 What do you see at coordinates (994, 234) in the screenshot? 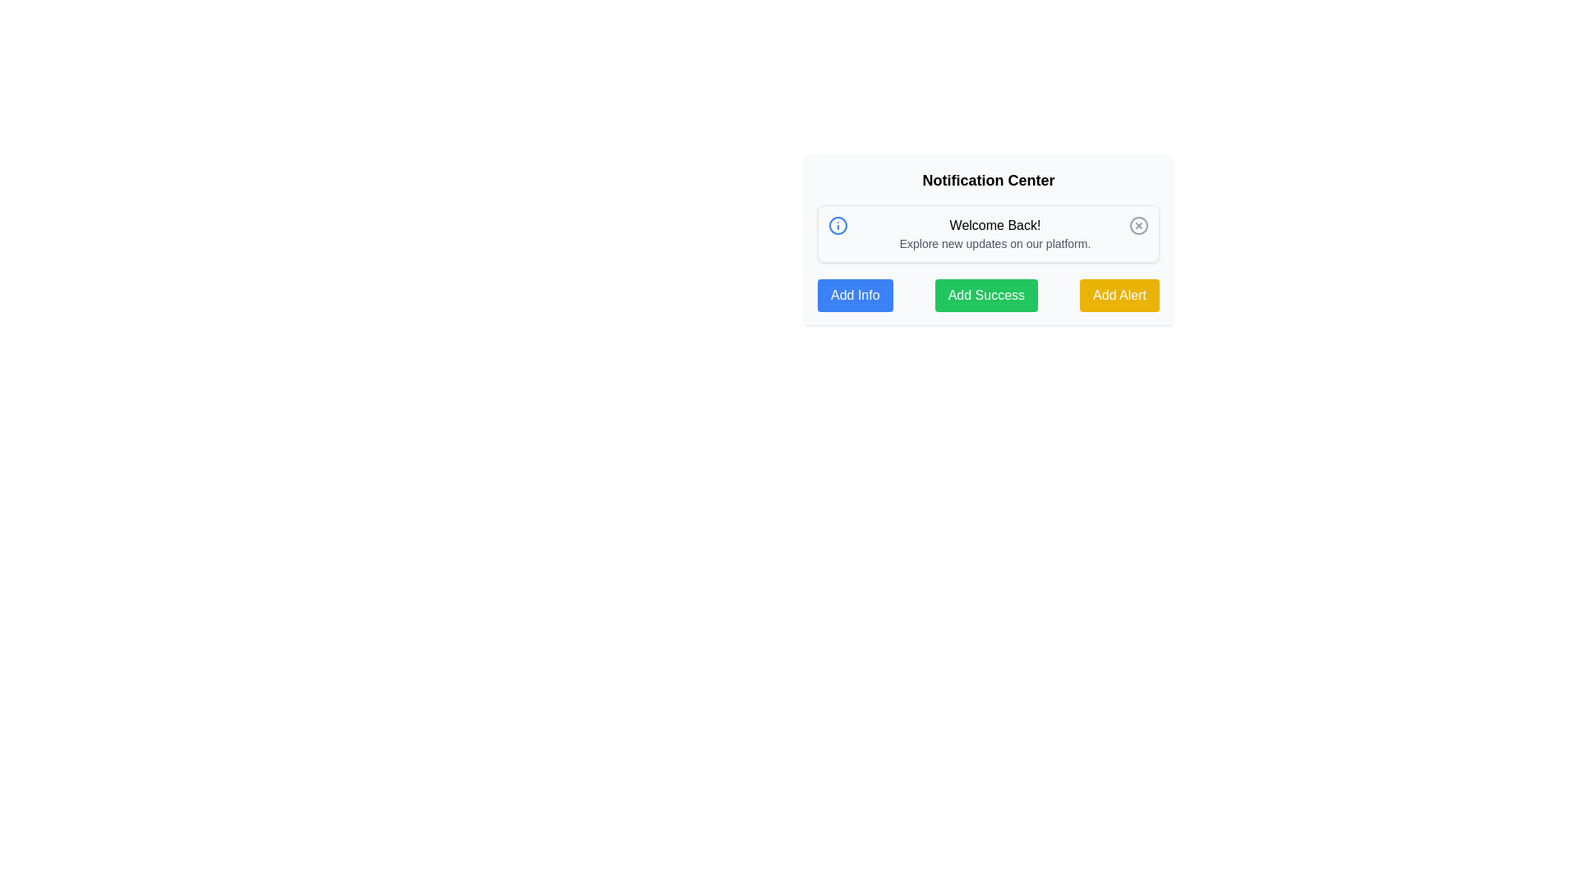
I see `the text display block that contains the bold introductory message 'Welcome Back!' and additional context 'Explore new updates on our platform.'` at bounding box center [994, 234].